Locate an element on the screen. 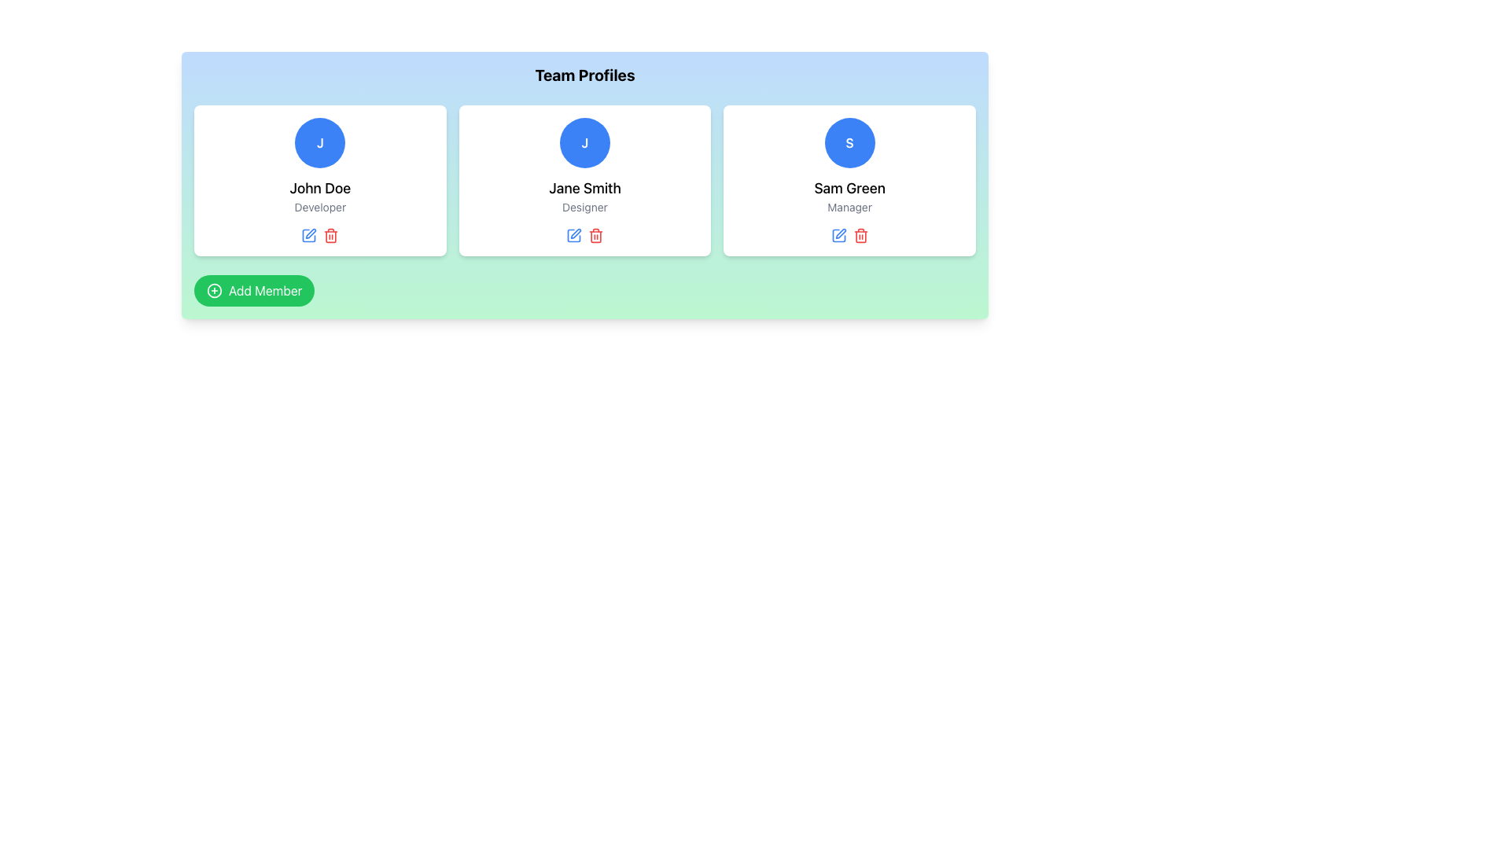 The image size is (1510, 849). the square icon button with a pen on the top-right corner, located in the second card under 'Jane Smith' in the 'Team Profiles' section is located at coordinates (573, 236).